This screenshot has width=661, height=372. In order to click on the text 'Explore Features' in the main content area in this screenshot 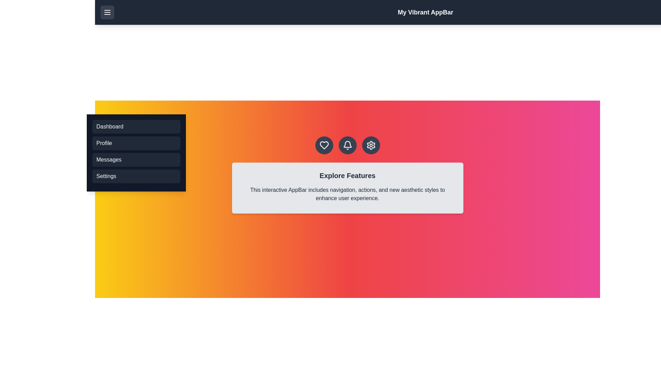, I will do `click(347, 175)`.